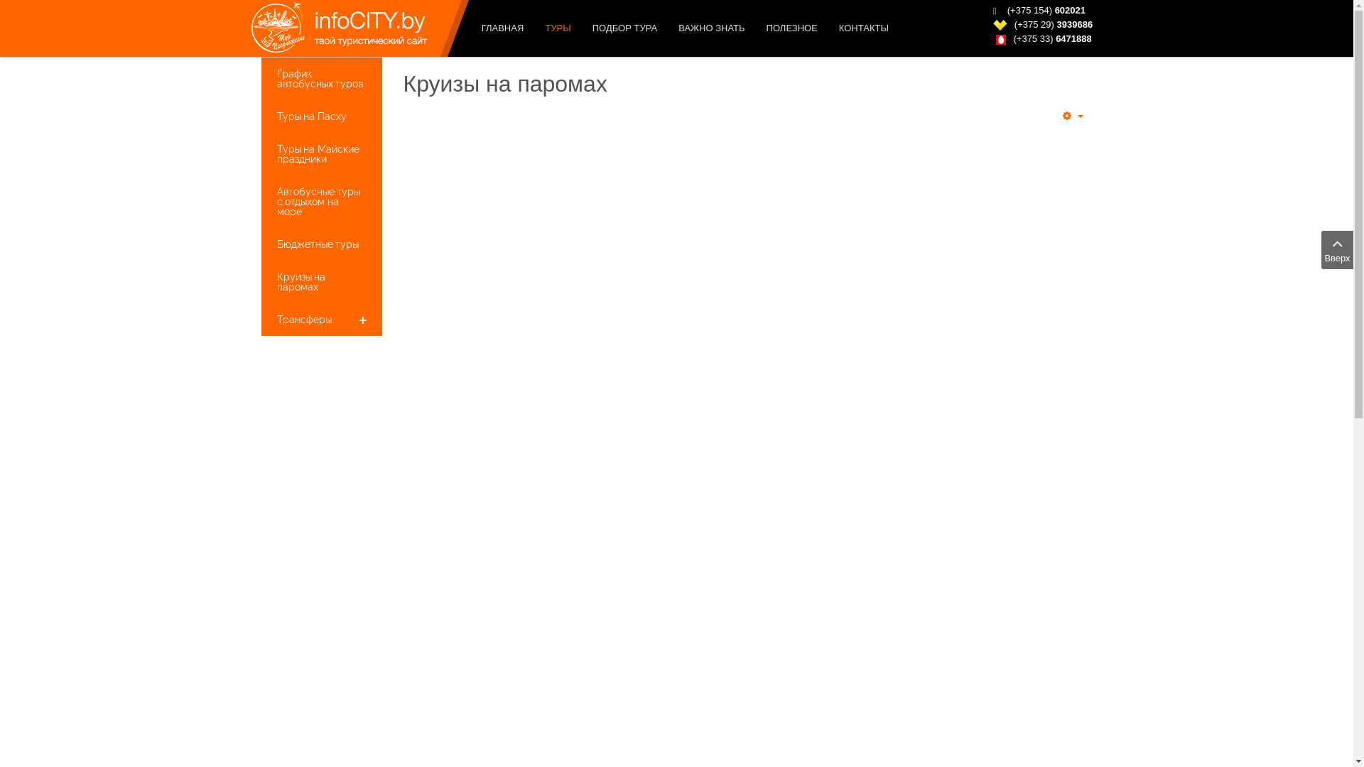 This screenshot has width=1364, height=767. Describe the element at coordinates (330, 28) in the screenshot. I see `'infoCity.by  '` at that location.